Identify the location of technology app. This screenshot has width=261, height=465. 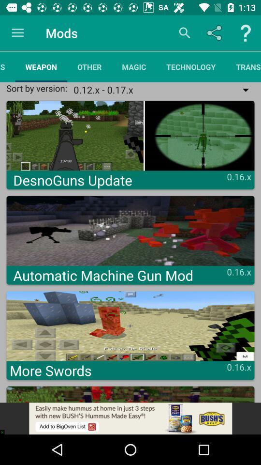
(191, 66).